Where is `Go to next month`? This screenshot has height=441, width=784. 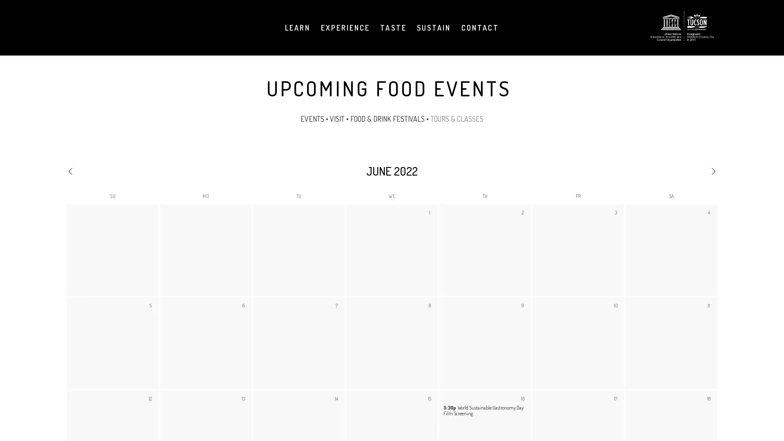 Go to next month is located at coordinates (673, 170).